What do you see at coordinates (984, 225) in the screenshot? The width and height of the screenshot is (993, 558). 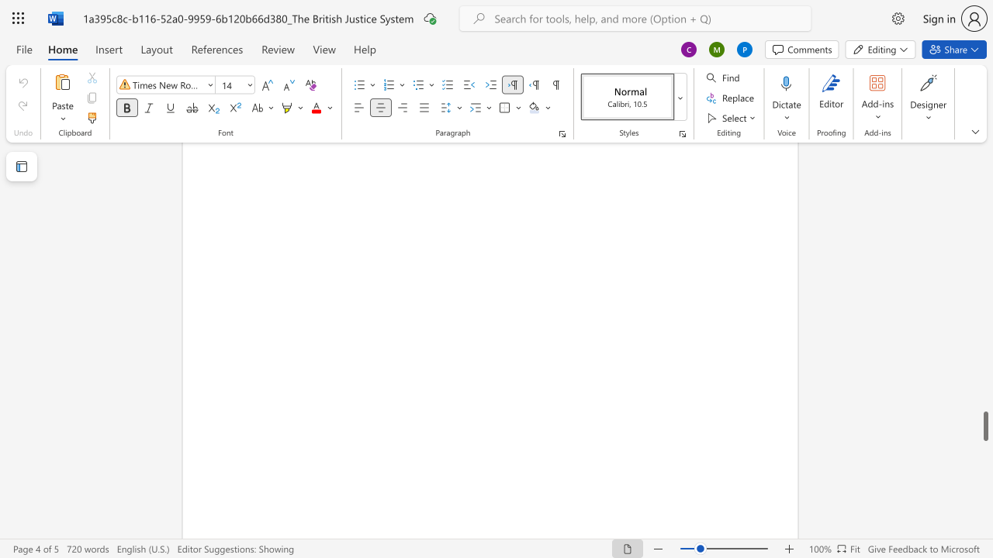 I see `the scrollbar to slide the page up` at bounding box center [984, 225].